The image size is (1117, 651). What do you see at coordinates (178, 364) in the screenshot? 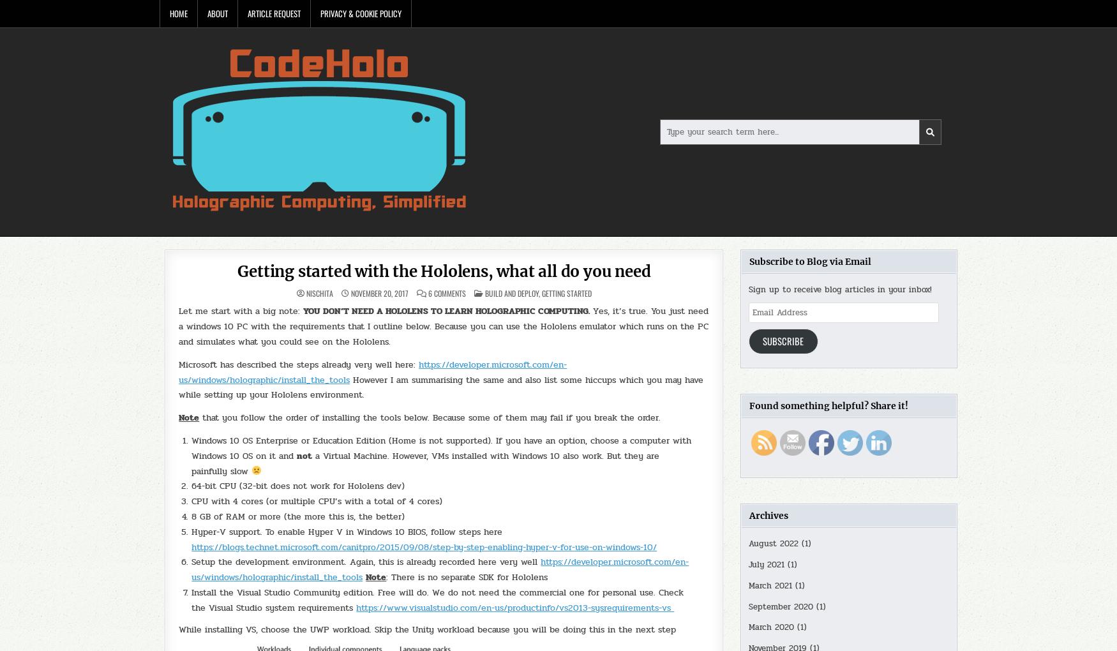
I see `'Microsoft has described the steps already very well here:'` at bounding box center [178, 364].